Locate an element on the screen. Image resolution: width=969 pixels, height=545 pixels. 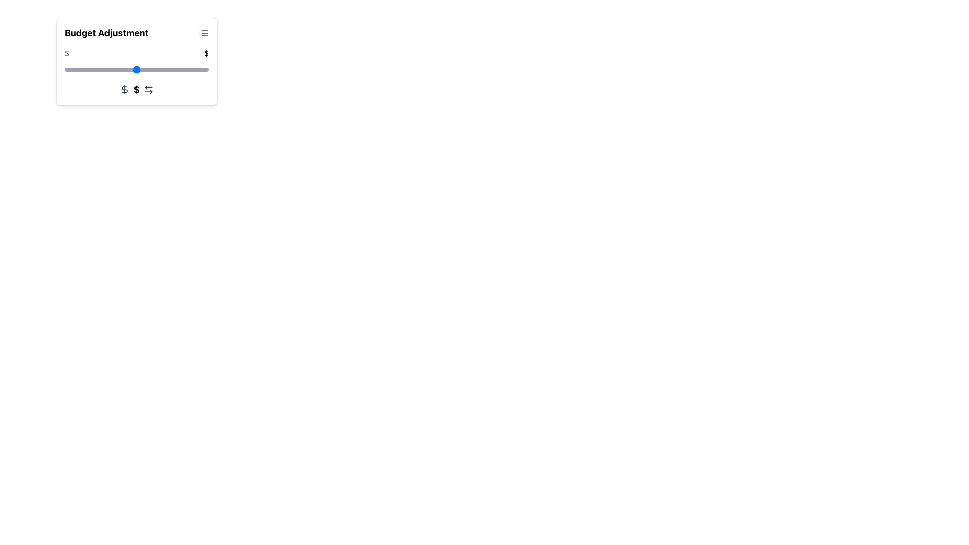
the budget adjustment slider is located at coordinates (103, 69).